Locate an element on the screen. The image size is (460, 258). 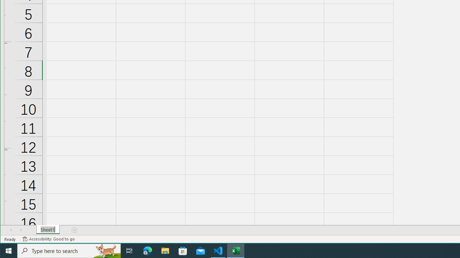
'Task View' is located at coordinates (129, 250).